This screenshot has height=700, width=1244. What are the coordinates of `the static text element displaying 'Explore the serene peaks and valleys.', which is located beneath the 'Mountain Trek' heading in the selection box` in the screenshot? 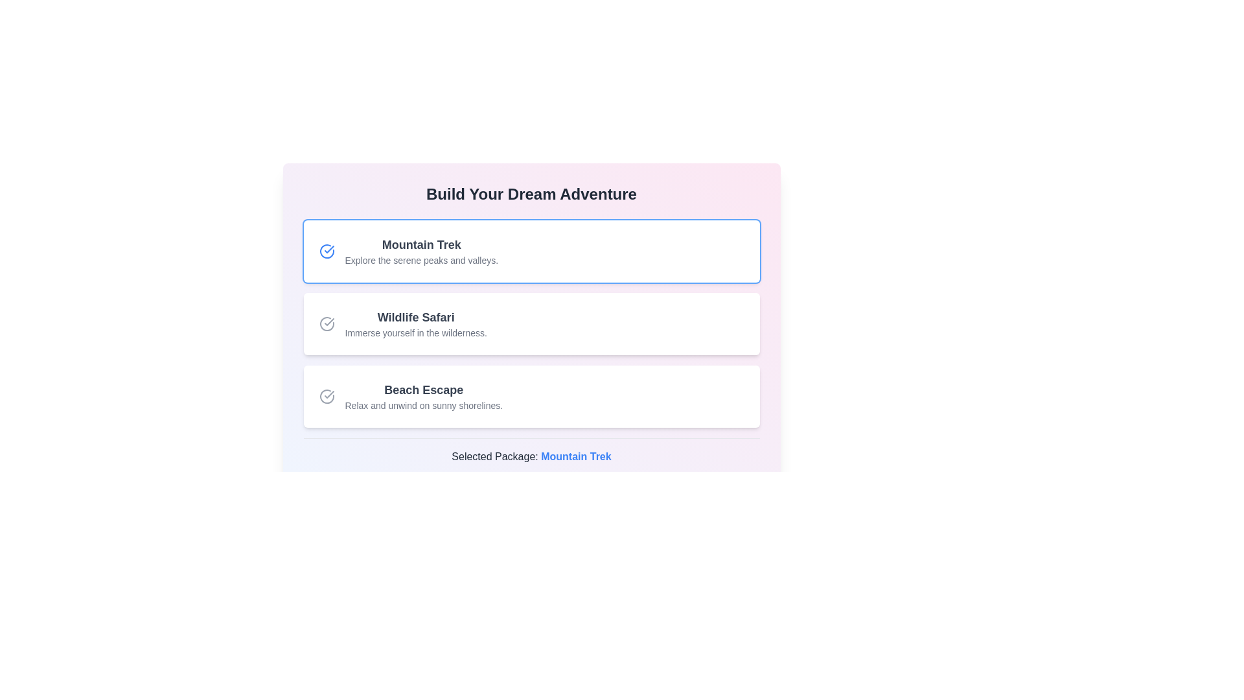 It's located at (421, 260).